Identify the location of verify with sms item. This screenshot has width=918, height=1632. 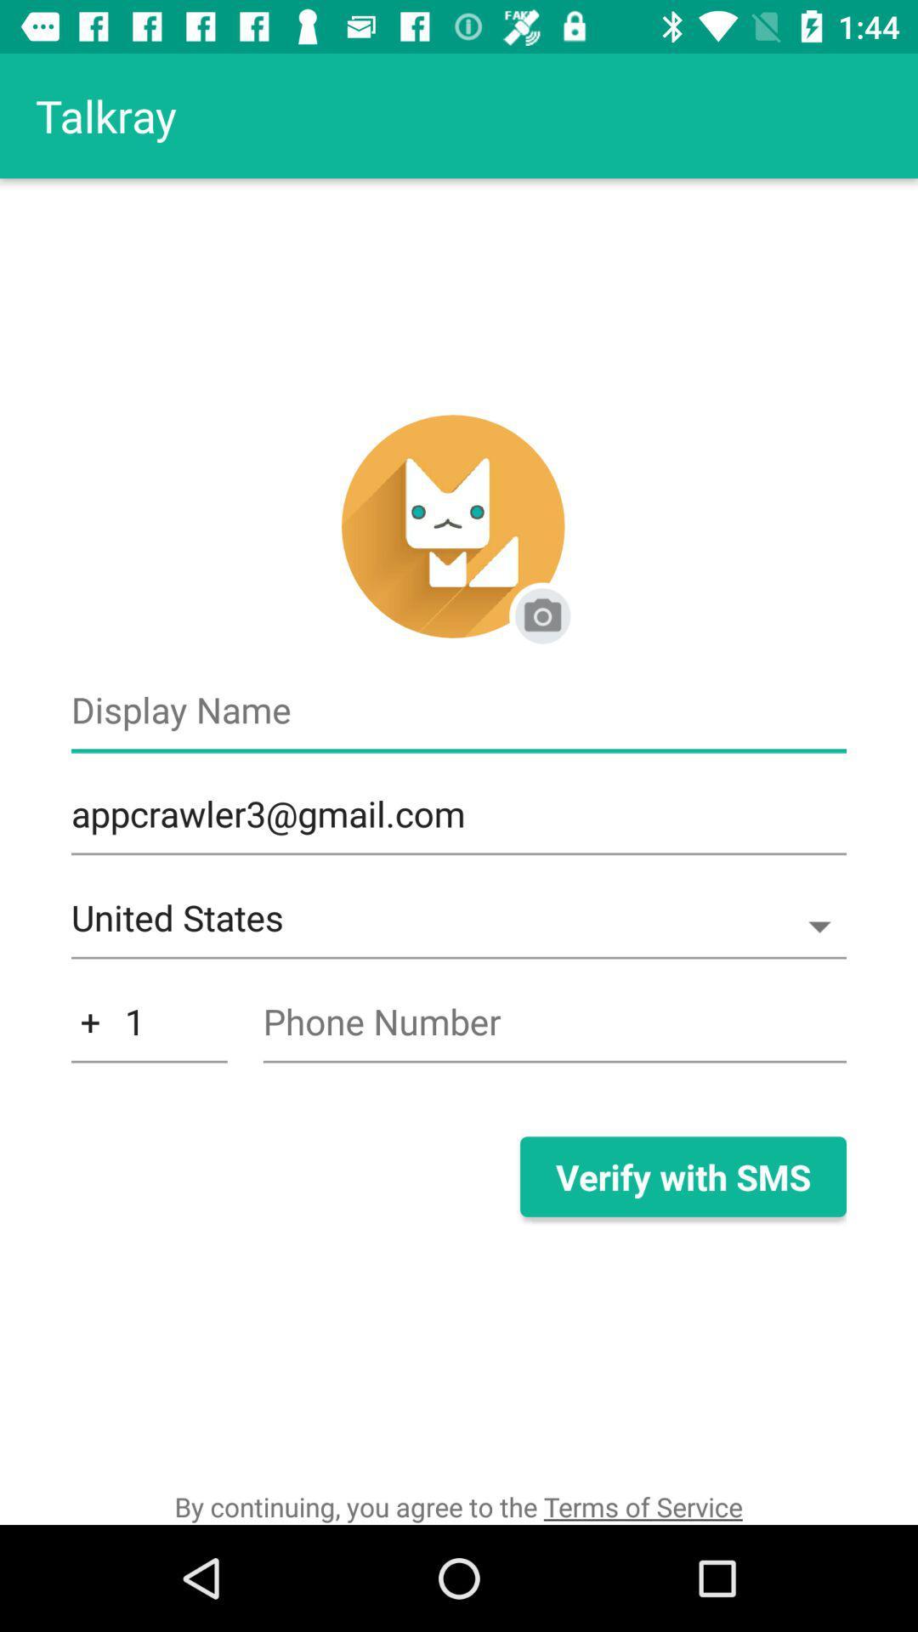
(682, 1176).